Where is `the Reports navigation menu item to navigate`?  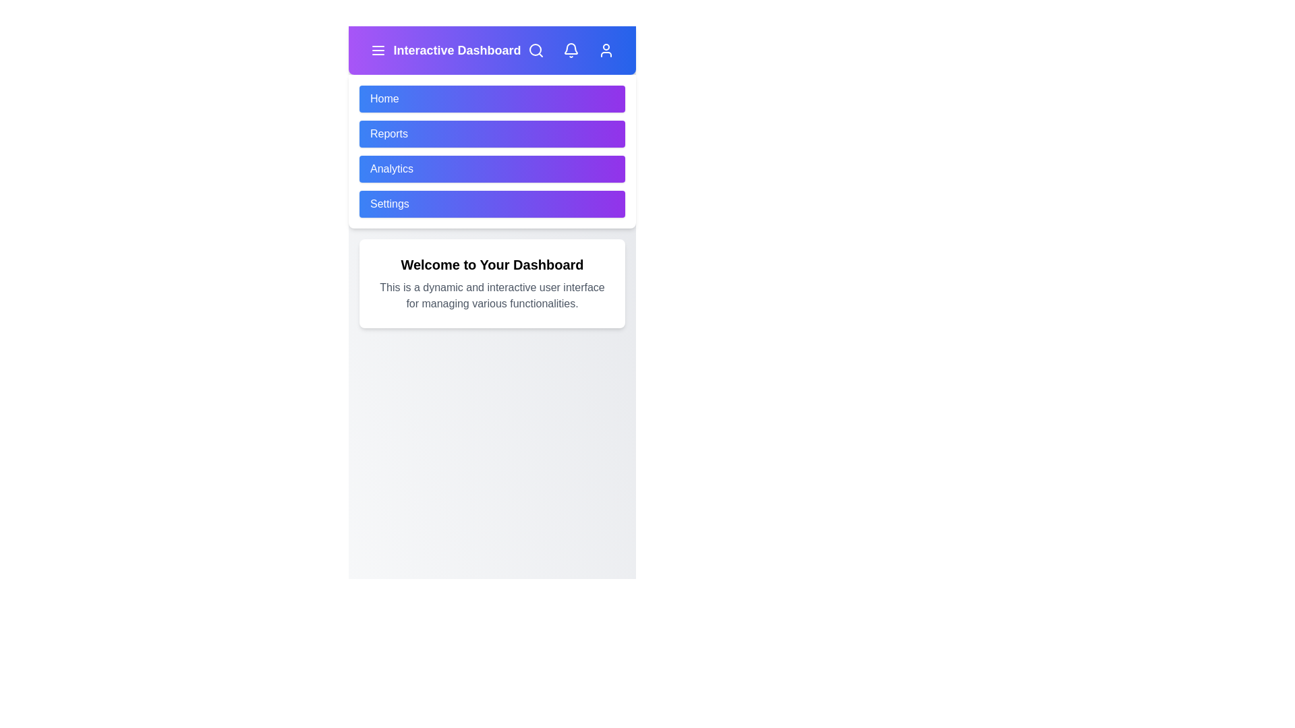
the Reports navigation menu item to navigate is located at coordinates (491, 134).